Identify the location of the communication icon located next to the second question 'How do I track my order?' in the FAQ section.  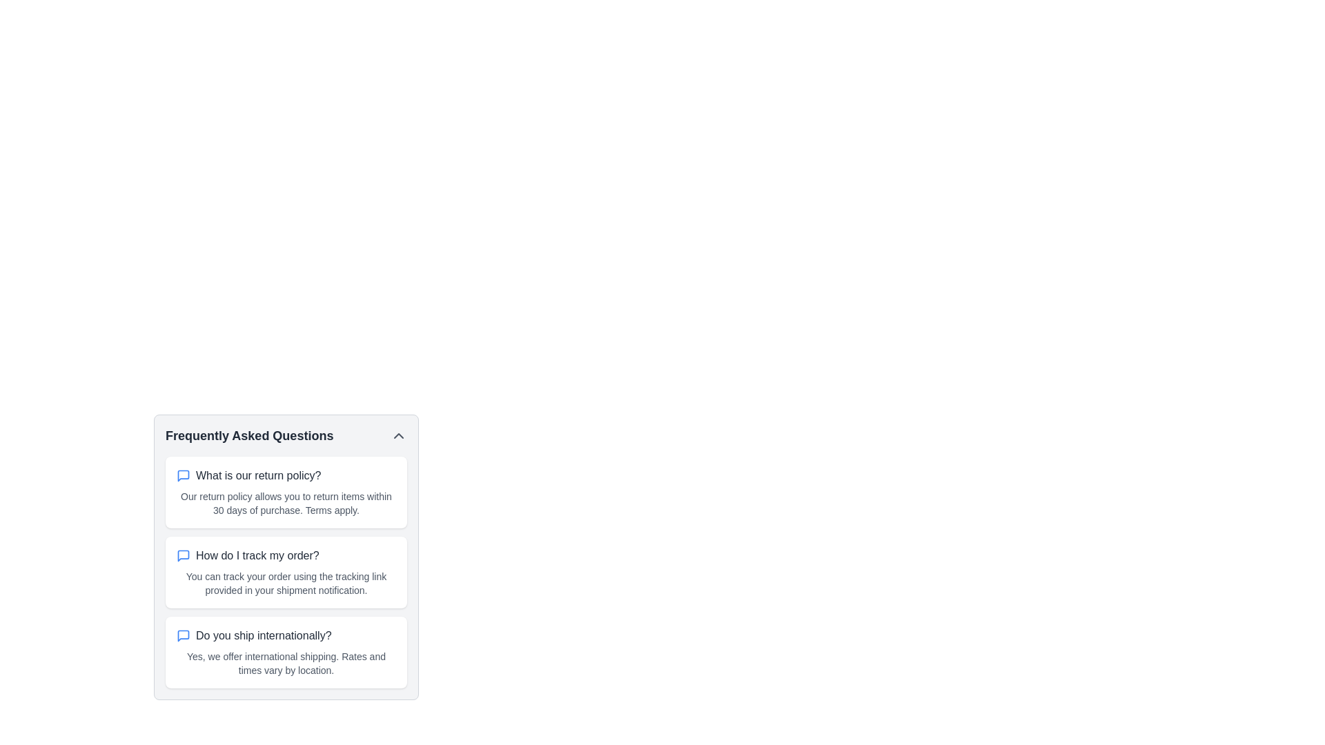
(182, 475).